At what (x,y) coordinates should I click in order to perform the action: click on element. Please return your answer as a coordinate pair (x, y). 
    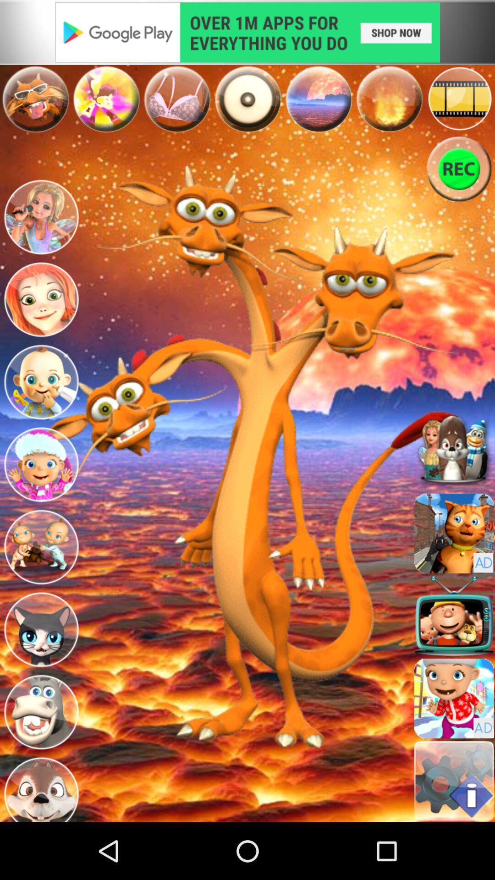
    Looking at the image, I should click on (389, 99).